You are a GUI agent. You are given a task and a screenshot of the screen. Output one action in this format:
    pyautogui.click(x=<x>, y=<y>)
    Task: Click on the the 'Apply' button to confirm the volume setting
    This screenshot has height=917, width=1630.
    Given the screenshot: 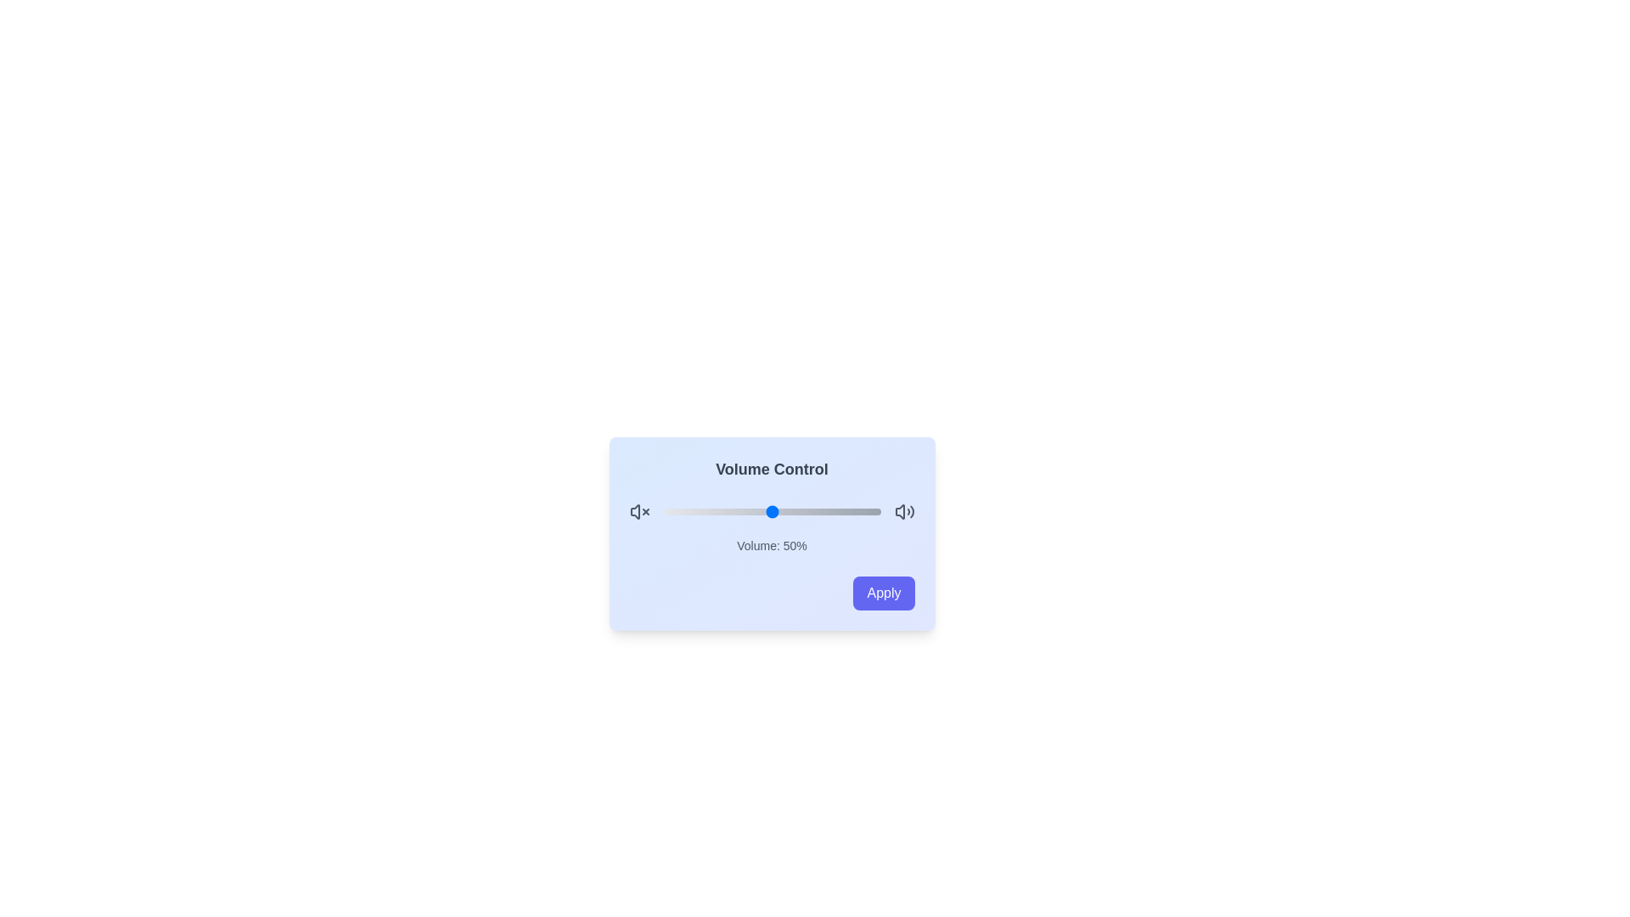 What is the action you would take?
    pyautogui.click(x=883, y=592)
    